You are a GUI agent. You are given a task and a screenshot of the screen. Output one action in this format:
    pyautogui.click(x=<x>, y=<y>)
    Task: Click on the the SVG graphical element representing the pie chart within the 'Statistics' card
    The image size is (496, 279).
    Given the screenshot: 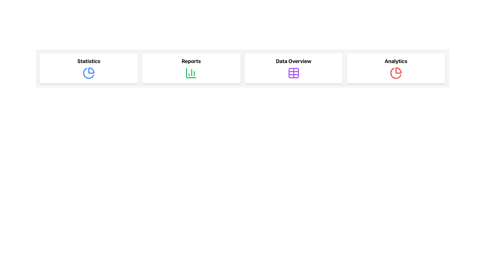 What is the action you would take?
    pyautogui.click(x=89, y=73)
    